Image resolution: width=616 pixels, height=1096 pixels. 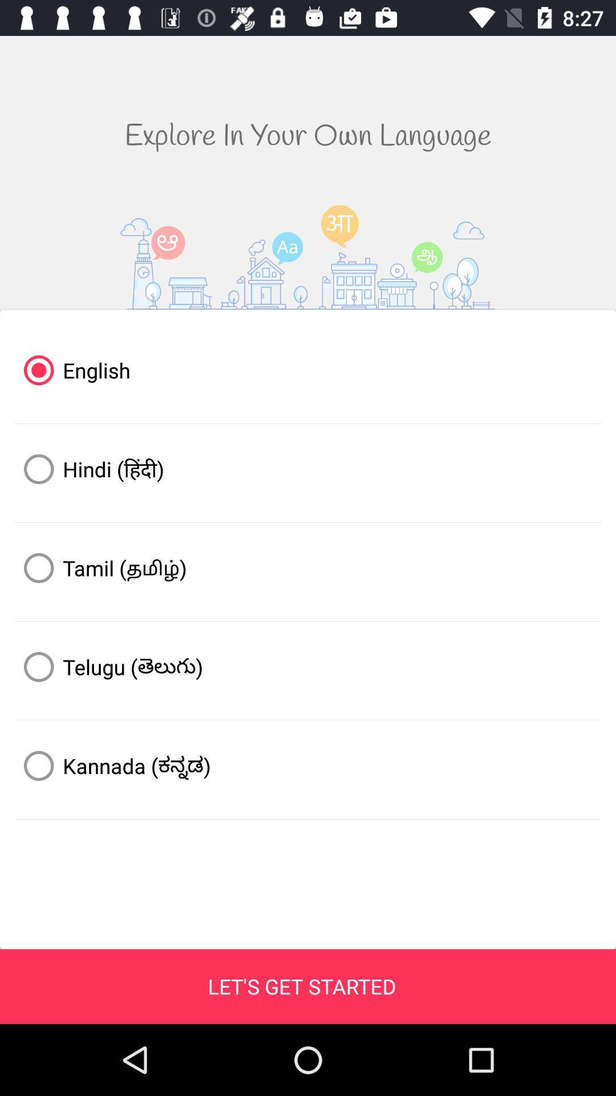 What do you see at coordinates (301, 986) in the screenshot?
I see `let s get icon` at bounding box center [301, 986].